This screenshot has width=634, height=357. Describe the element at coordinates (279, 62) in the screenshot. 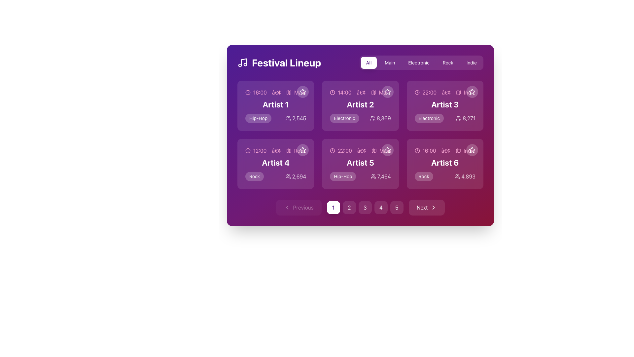

I see `the 'Festival Lineup' header text with a musical note icon, which is prominently displayed in bold white font against a purple background, located at the top-left corner of the content box` at that location.